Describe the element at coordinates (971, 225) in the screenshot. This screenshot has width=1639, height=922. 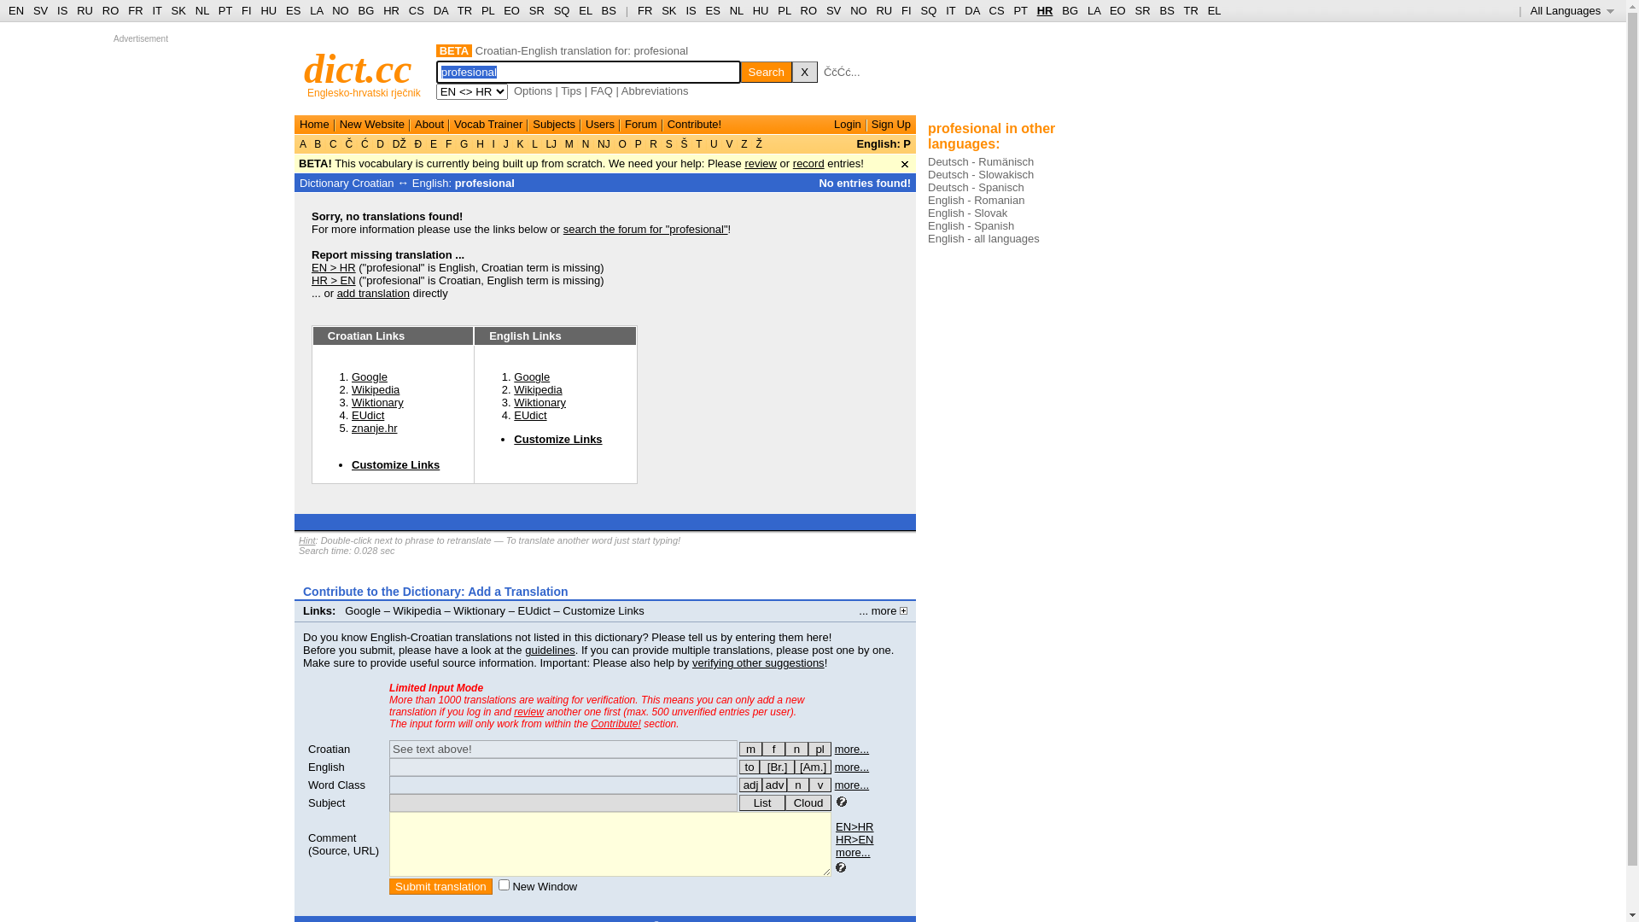
I see `'English - Spanish'` at that location.